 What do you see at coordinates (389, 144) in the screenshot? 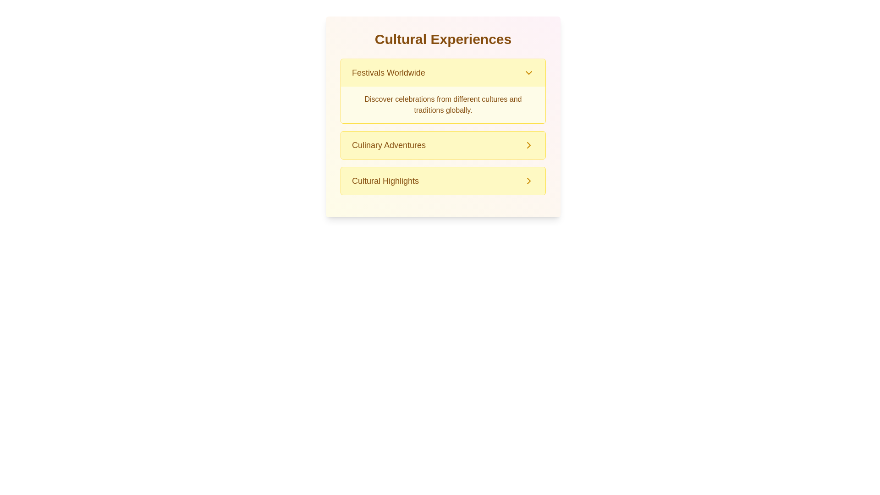
I see `static text component displaying the title 'Culinary Adventures' located within the yellow-highlighted menu option in the middle section of the card titled 'Cultural Experiences.'` at bounding box center [389, 144].